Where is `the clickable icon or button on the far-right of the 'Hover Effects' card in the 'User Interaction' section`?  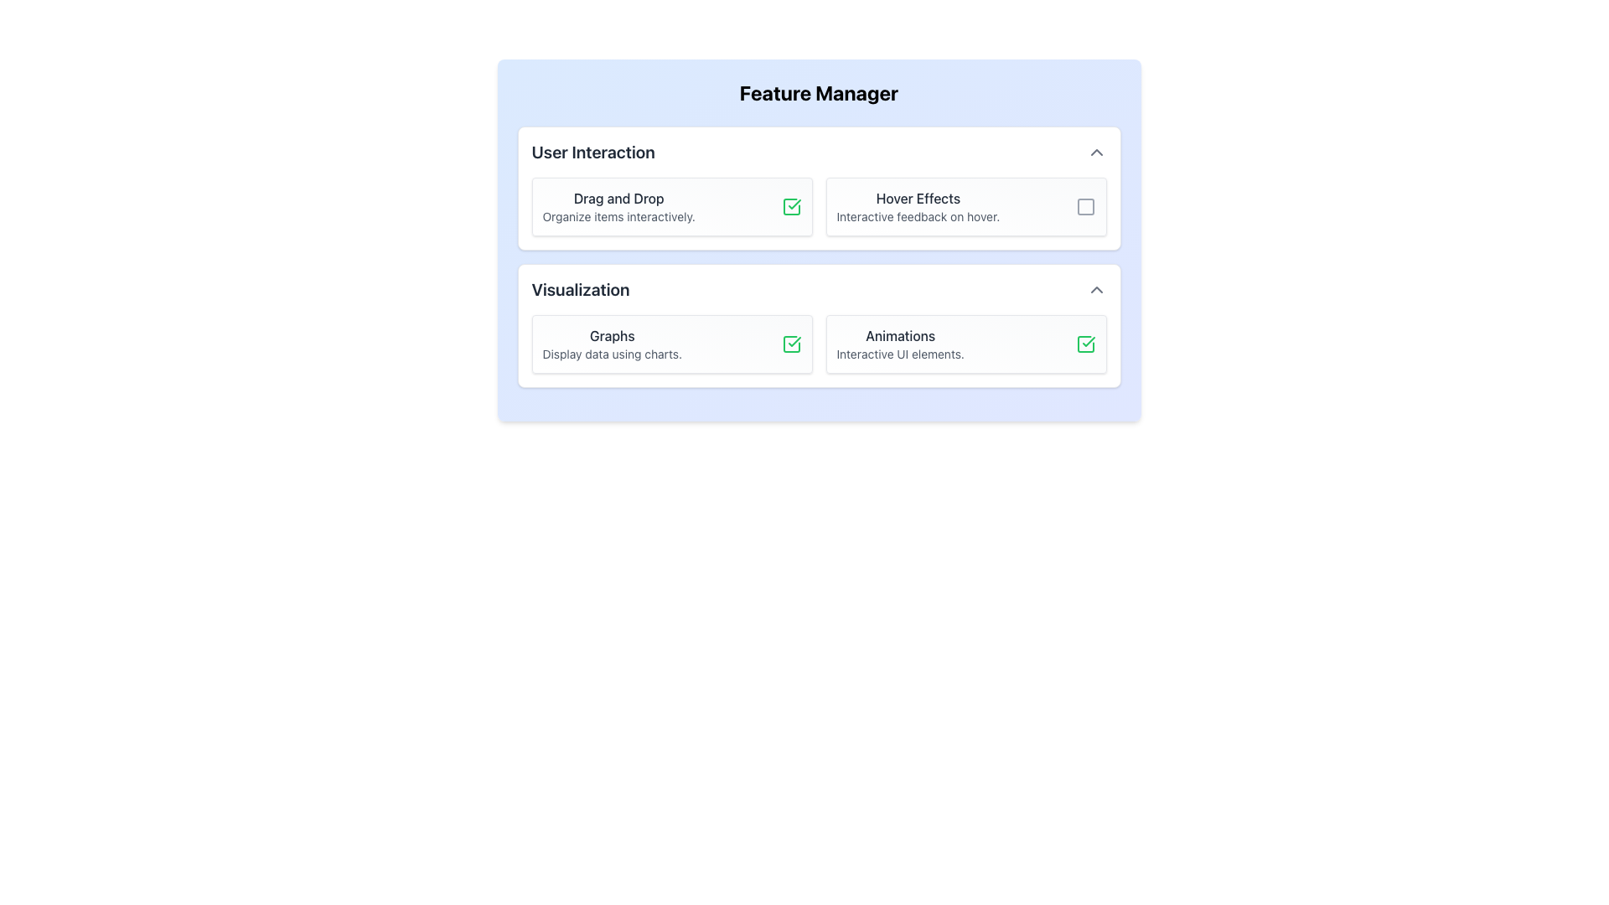
the clickable icon or button on the far-right of the 'Hover Effects' card in the 'User Interaction' section is located at coordinates (1085, 205).